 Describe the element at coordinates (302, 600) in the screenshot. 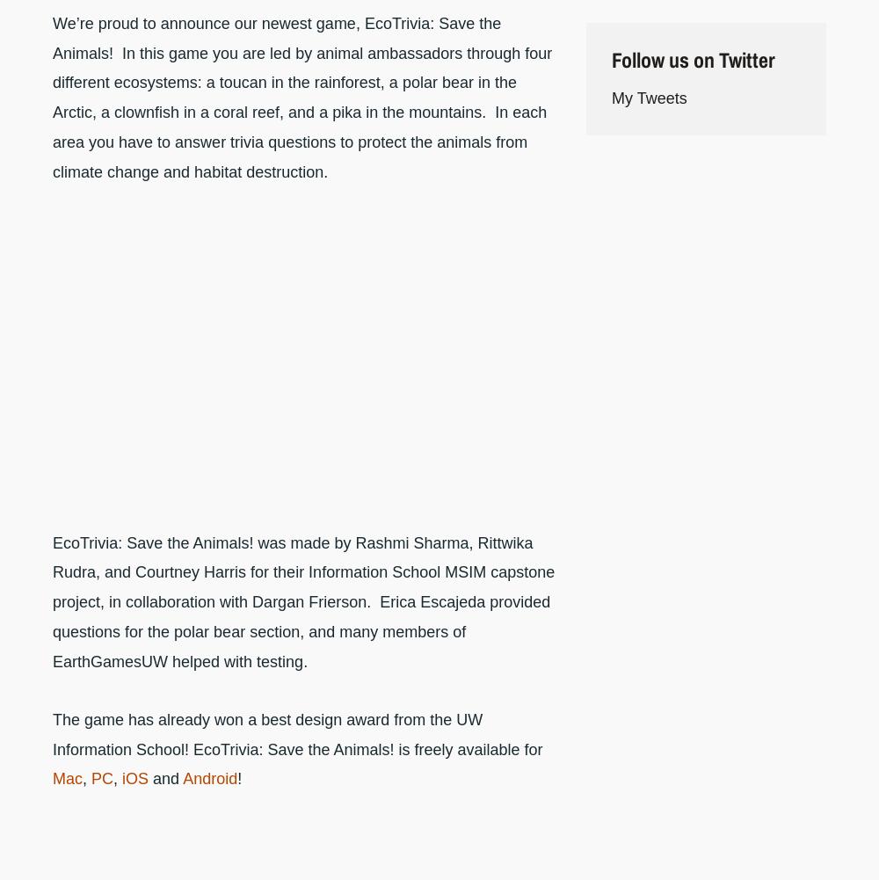

I see `'EcoTrivia: Save the Animals! was made by Rashmi Sharma, Rittwika Rudra, and Courtney Harris for their Information School MSIM capstone project, in collaboration with Dargan Frierson.  Erica Escajeda provided questions for the polar bear section, and many members of EarthGamesUW helped with testing.'` at that location.